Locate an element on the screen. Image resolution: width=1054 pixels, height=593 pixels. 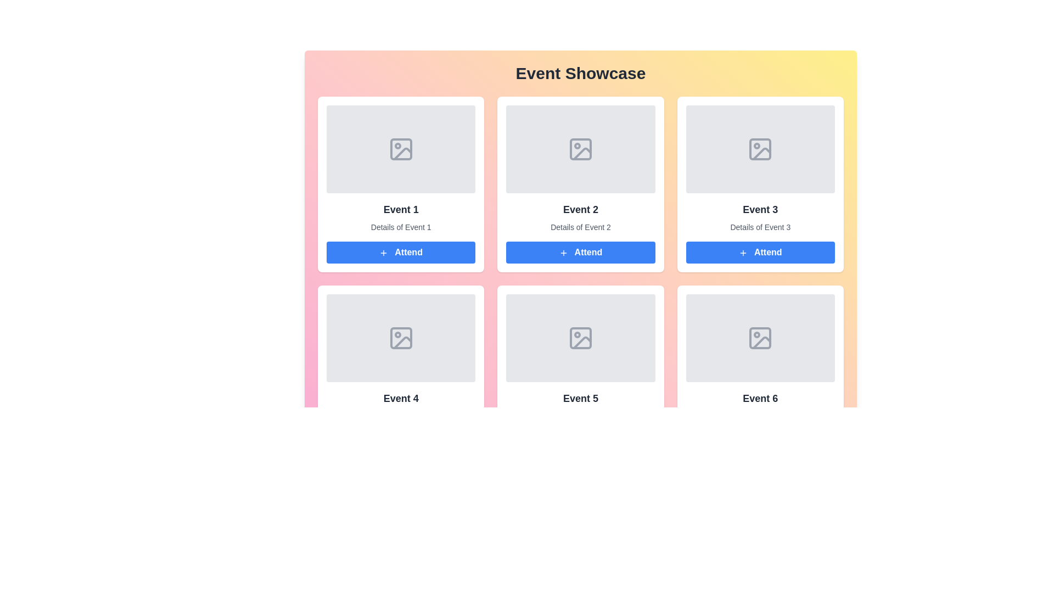
the informational Text label providing details about 'Event 2', located in the middle column of the top row of the grid layout is located at coordinates (580, 226).